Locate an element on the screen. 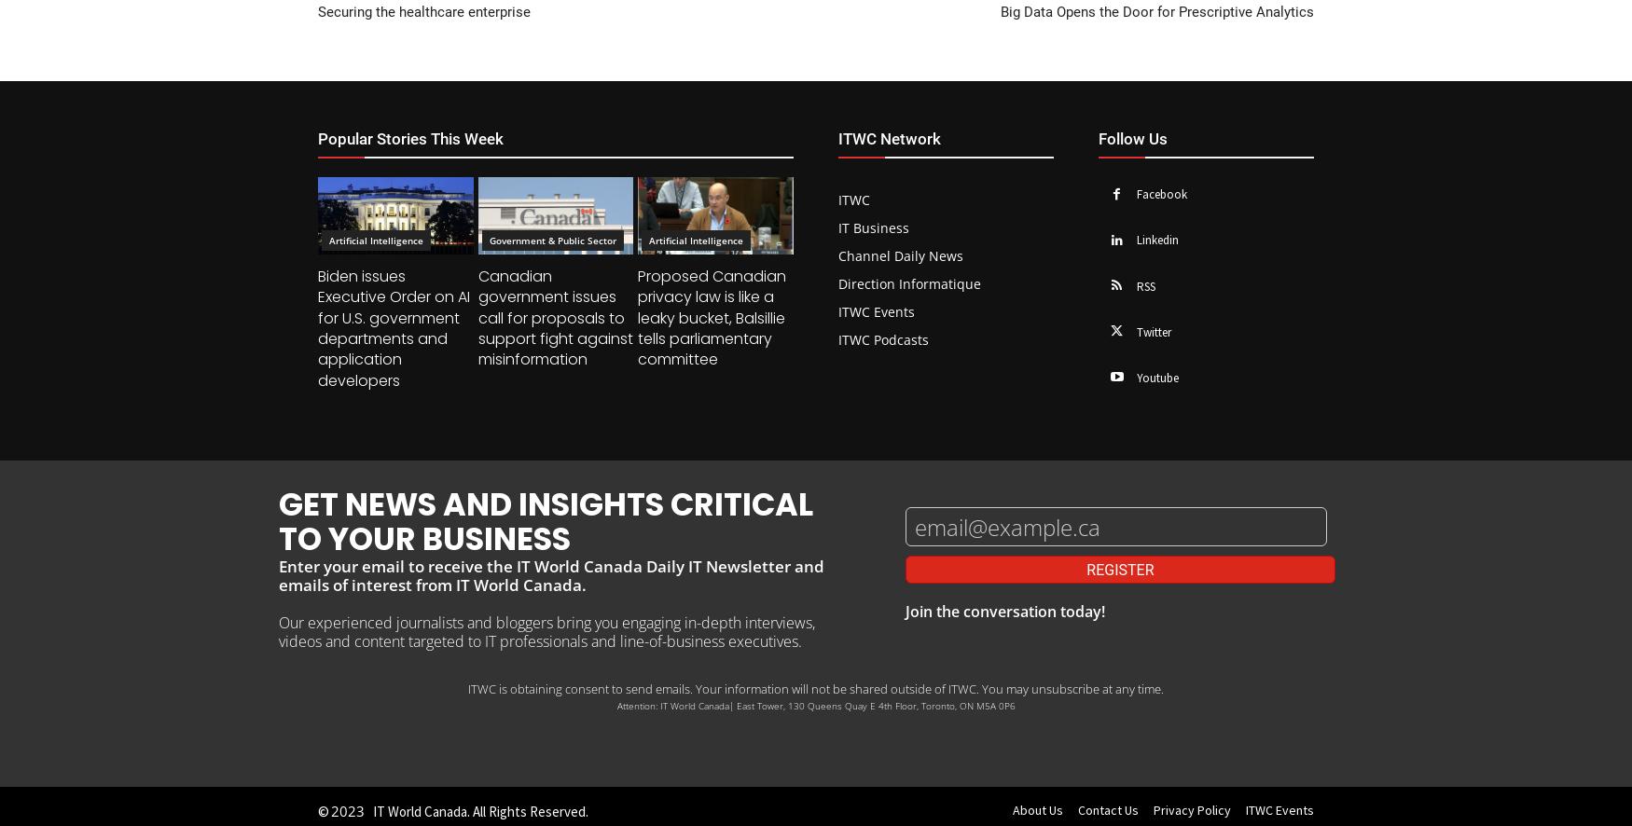  'Follow Us' is located at coordinates (1097, 136).